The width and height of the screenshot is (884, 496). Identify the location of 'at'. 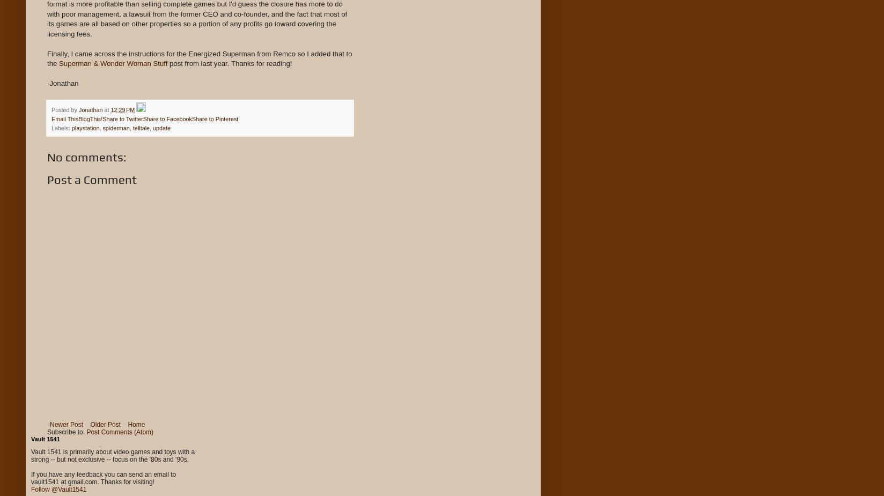
(107, 108).